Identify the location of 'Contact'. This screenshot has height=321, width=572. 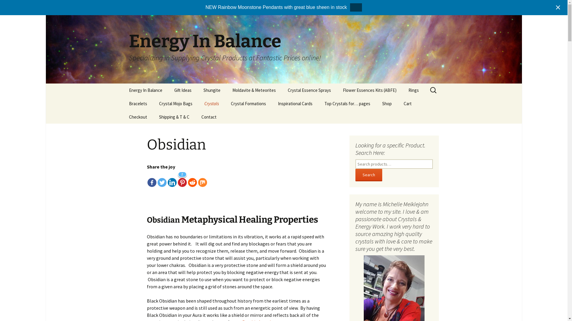
(209, 117).